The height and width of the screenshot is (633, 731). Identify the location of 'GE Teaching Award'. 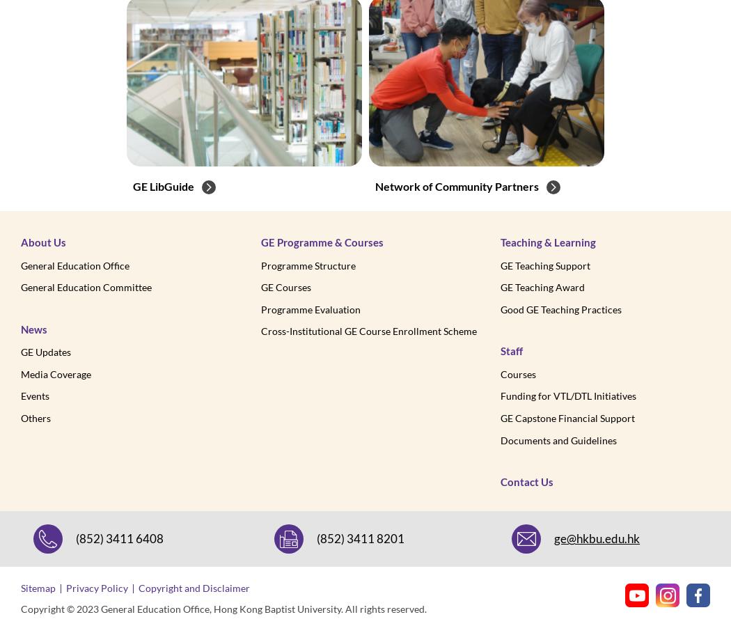
(542, 287).